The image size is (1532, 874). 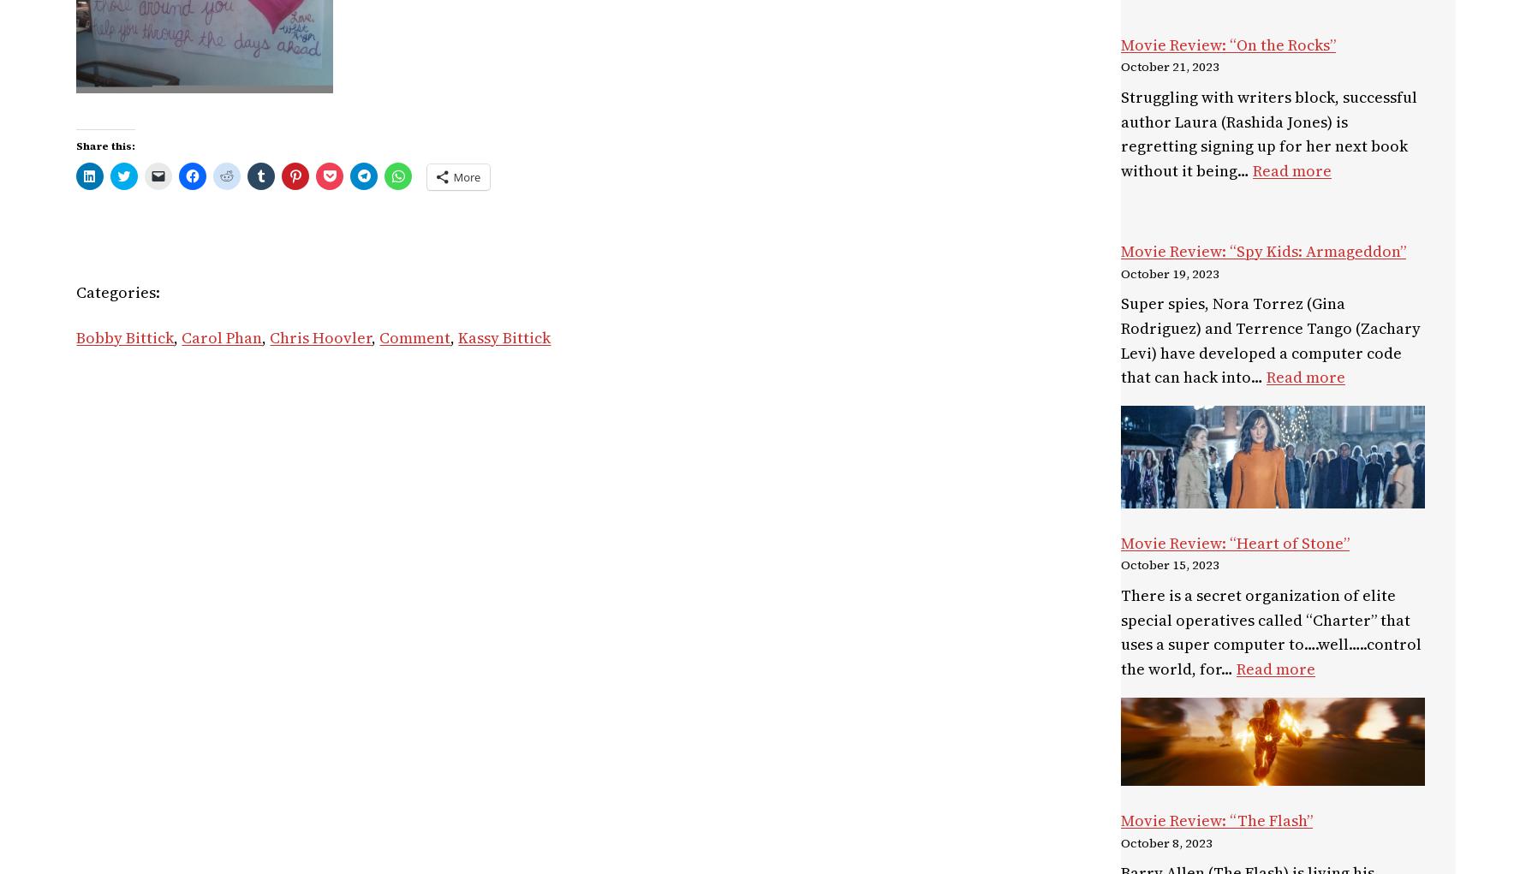 I want to click on 'Chris Hoovler', so click(x=269, y=336).